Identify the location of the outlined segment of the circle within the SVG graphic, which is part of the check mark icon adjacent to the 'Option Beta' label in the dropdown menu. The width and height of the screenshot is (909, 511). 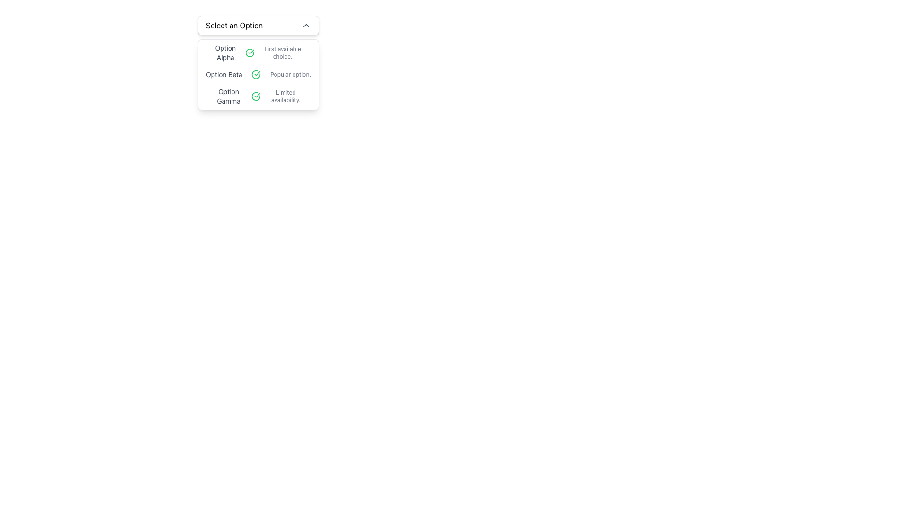
(256, 74).